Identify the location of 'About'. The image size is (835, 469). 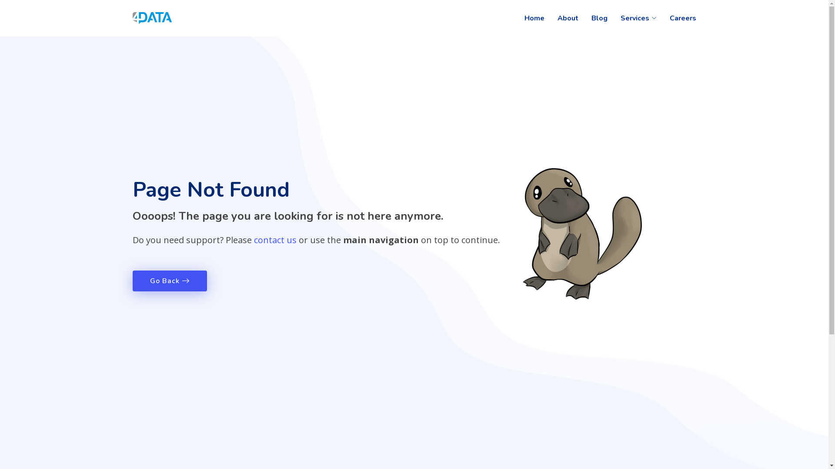
(561, 18).